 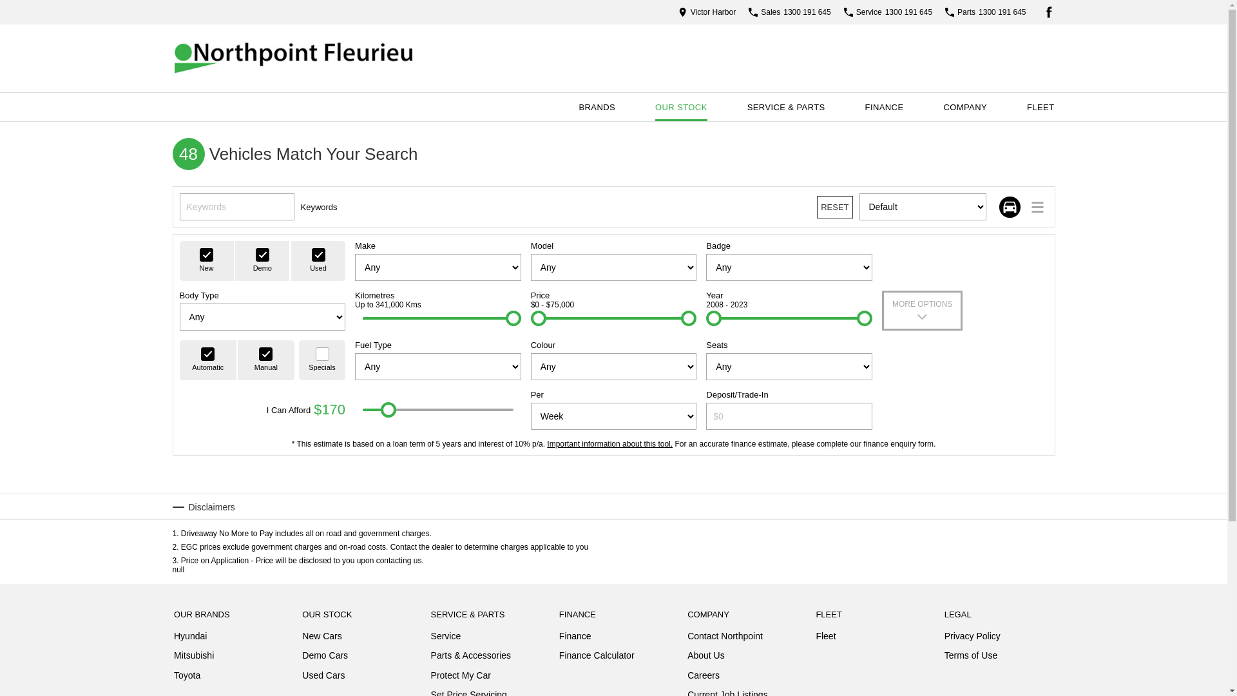 What do you see at coordinates (825, 635) in the screenshot?
I see `'Fleet'` at bounding box center [825, 635].